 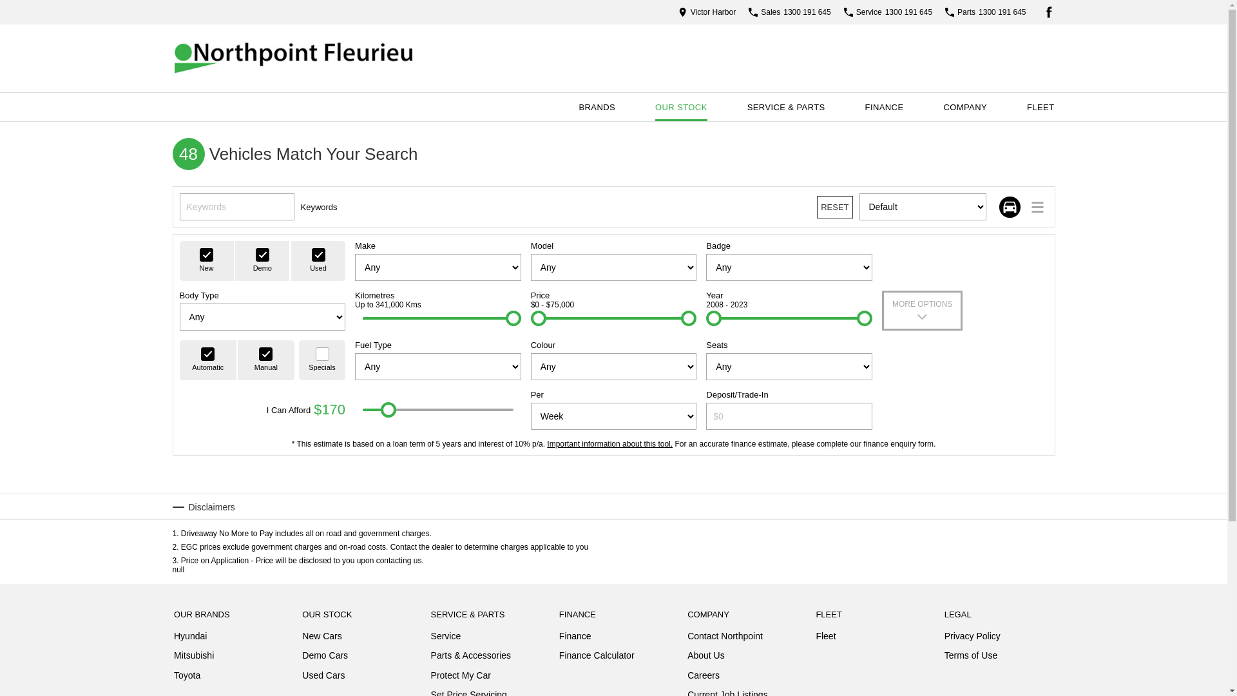 What do you see at coordinates (825, 635) in the screenshot?
I see `'Fleet'` at bounding box center [825, 635].